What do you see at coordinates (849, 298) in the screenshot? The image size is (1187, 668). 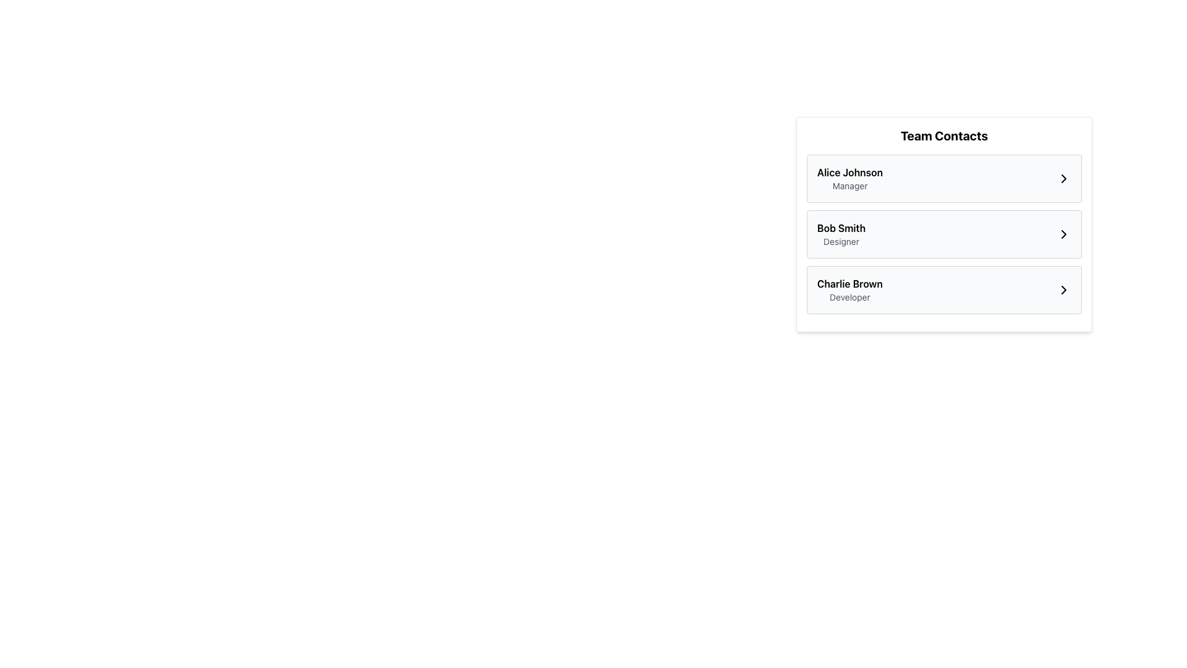 I see `the text label displaying the role or position of 'Charlie Brown' located underneath his name in the third card of the 'Team Contacts' section` at bounding box center [849, 298].